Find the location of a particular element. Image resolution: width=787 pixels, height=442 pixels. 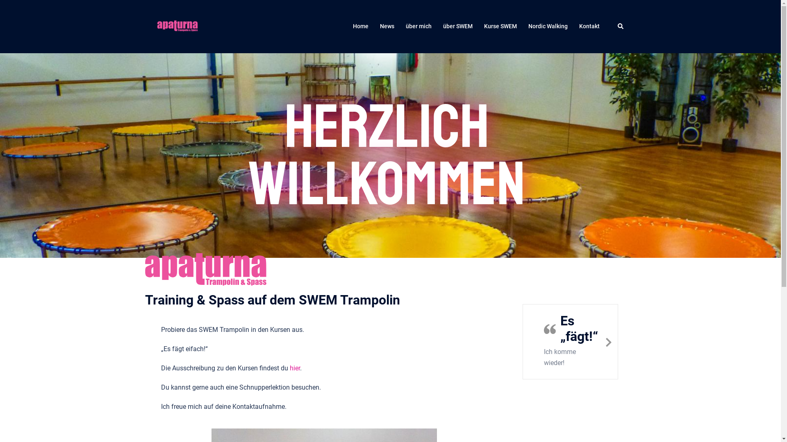

'hier' is located at coordinates (294, 368).